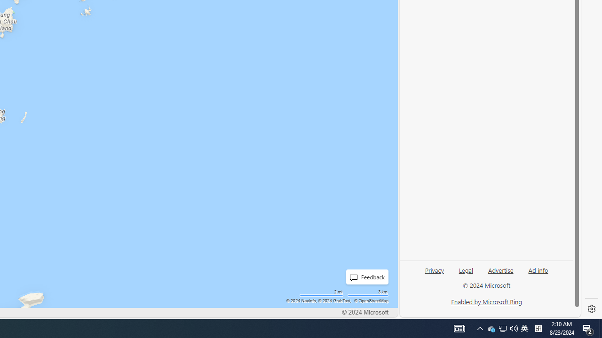 This screenshot has width=602, height=338. What do you see at coordinates (500, 274) in the screenshot?
I see `'Advertise'` at bounding box center [500, 274].